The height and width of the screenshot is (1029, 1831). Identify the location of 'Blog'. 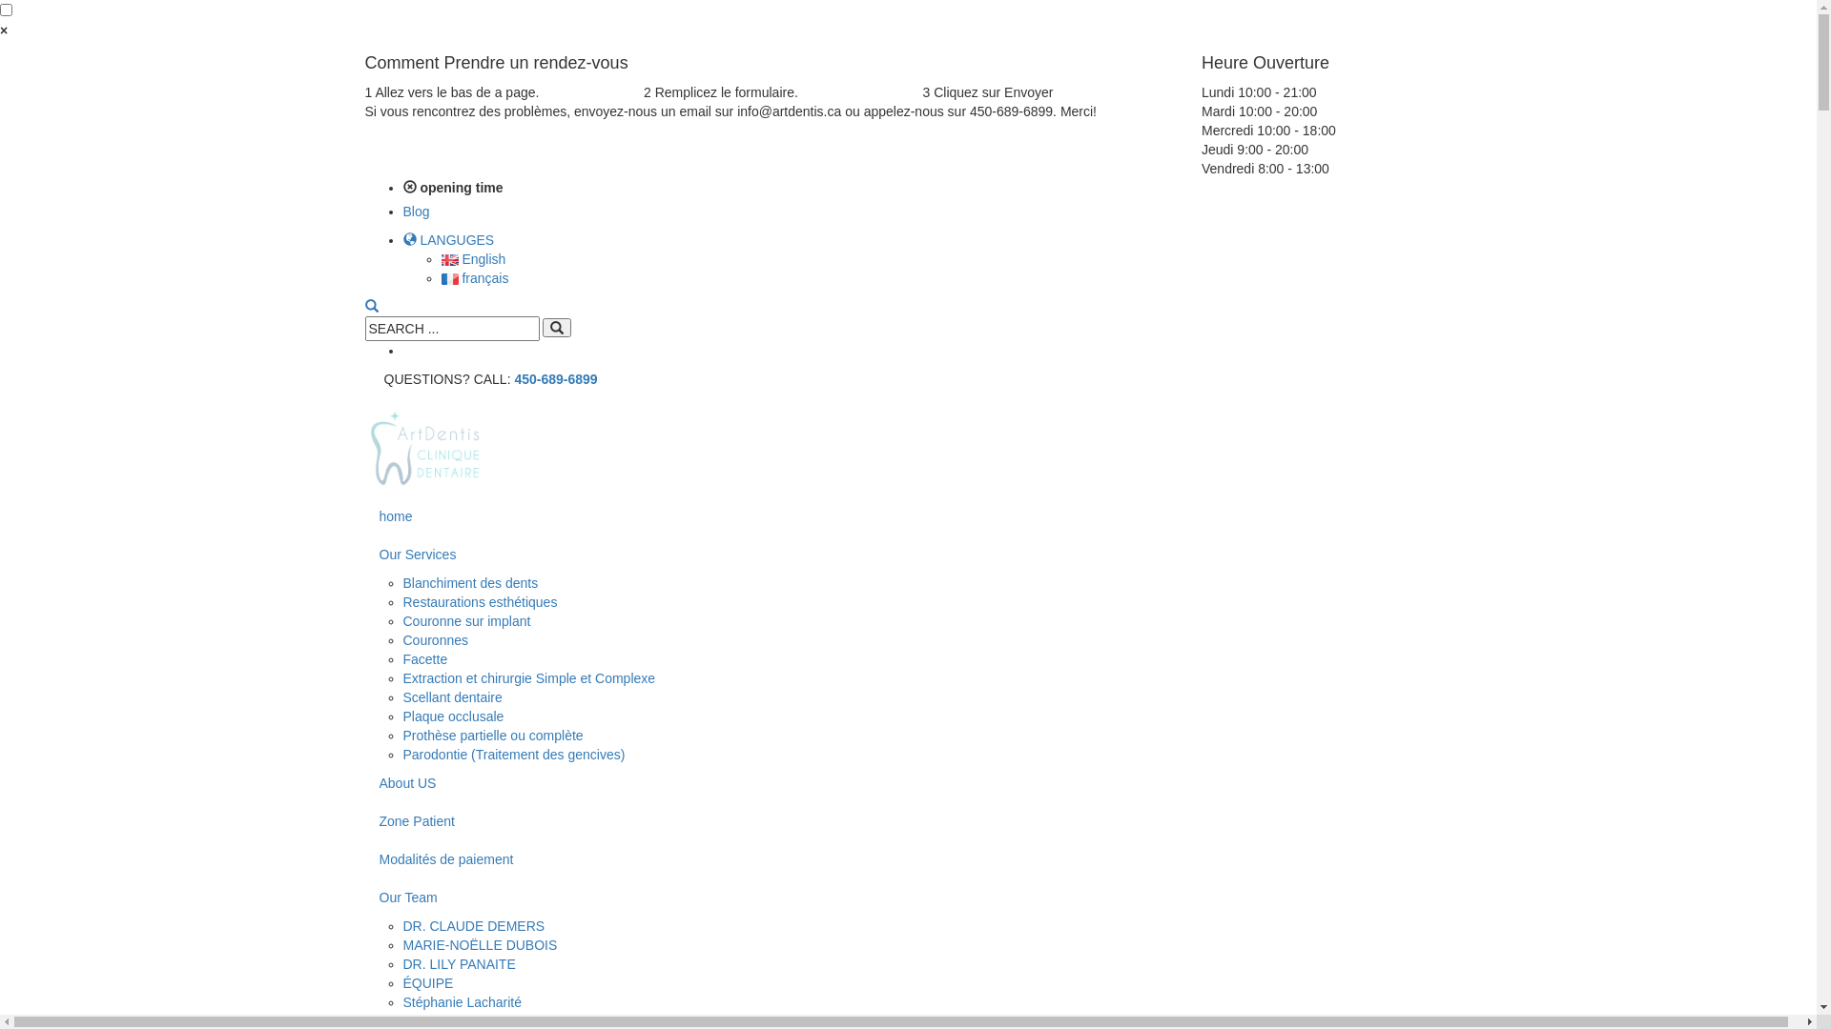
(415, 212).